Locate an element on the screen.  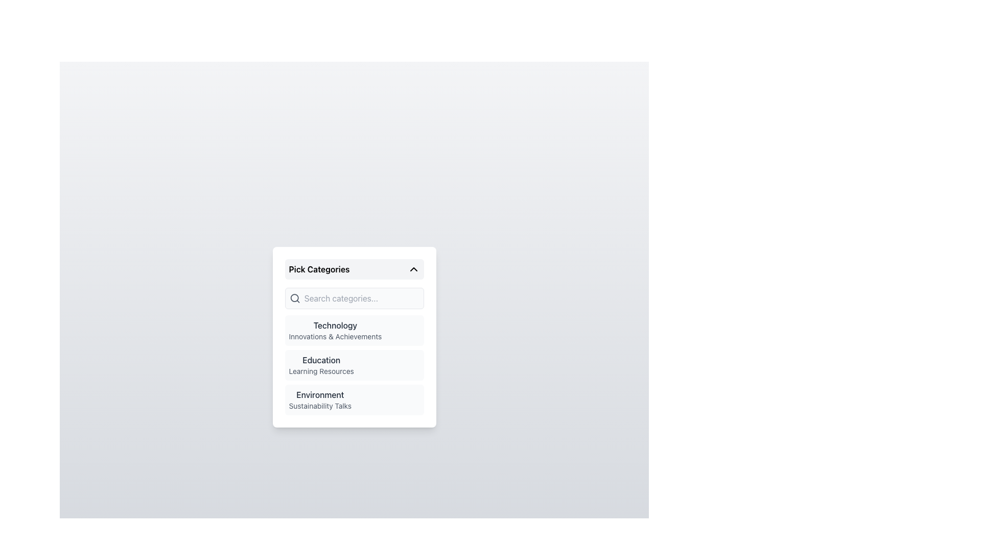
the 'Sustainability Talks' text label, which indicates a subcategory under the 'Environment' category, located in the bottom-right quadrant of the menu is located at coordinates (319, 405).